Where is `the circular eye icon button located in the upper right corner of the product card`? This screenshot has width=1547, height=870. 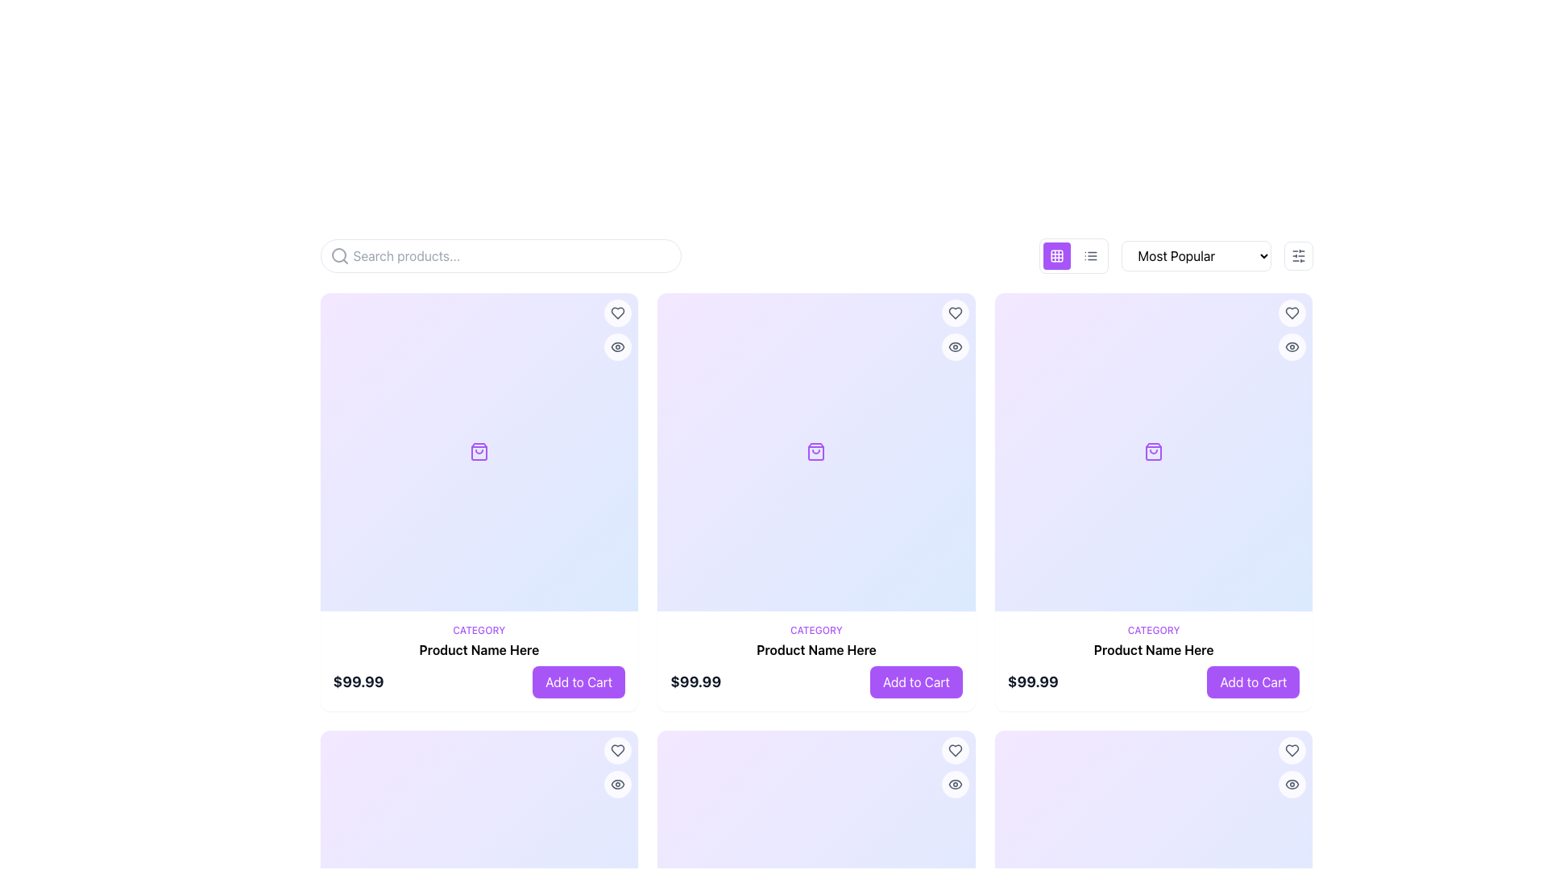
the circular eye icon button located in the upper right corner of the product card is located at coordinates (617, 346).